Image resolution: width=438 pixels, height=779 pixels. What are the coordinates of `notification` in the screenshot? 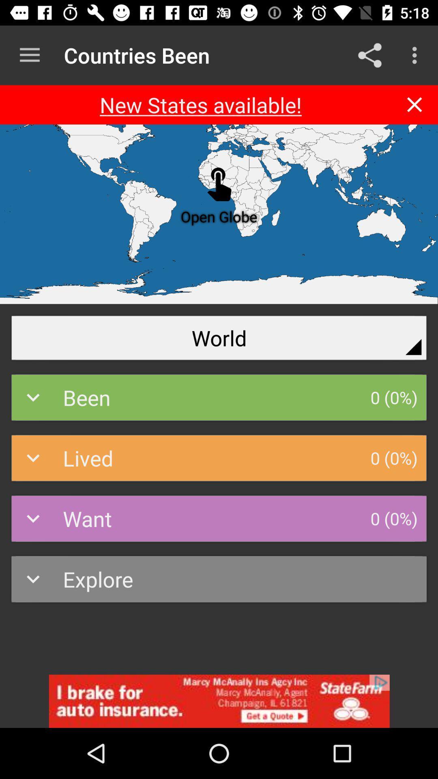 It's located at (414, 104).